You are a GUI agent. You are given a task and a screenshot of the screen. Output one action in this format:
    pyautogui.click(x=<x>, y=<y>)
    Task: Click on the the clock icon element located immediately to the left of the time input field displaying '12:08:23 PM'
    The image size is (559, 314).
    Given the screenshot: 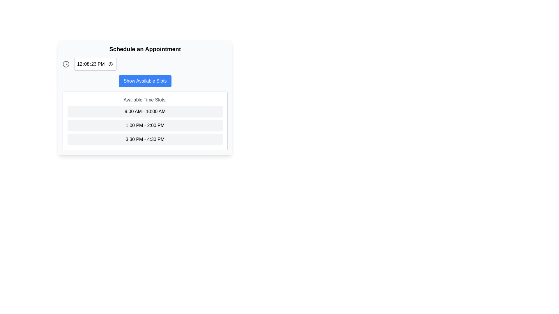 What is the action you would take?
    pyautogui.click(x=66, y=64)
    